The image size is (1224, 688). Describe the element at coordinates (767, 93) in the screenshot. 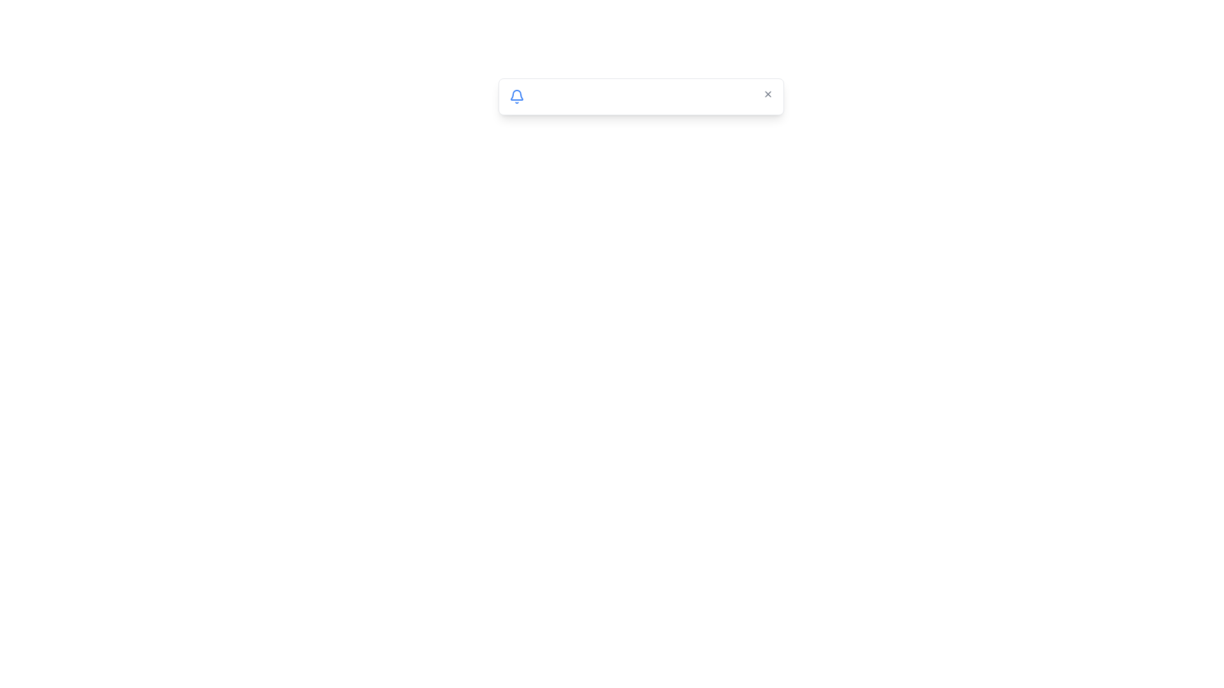

I see `the 'X' button at the far right of the rectangular panel` at that location.